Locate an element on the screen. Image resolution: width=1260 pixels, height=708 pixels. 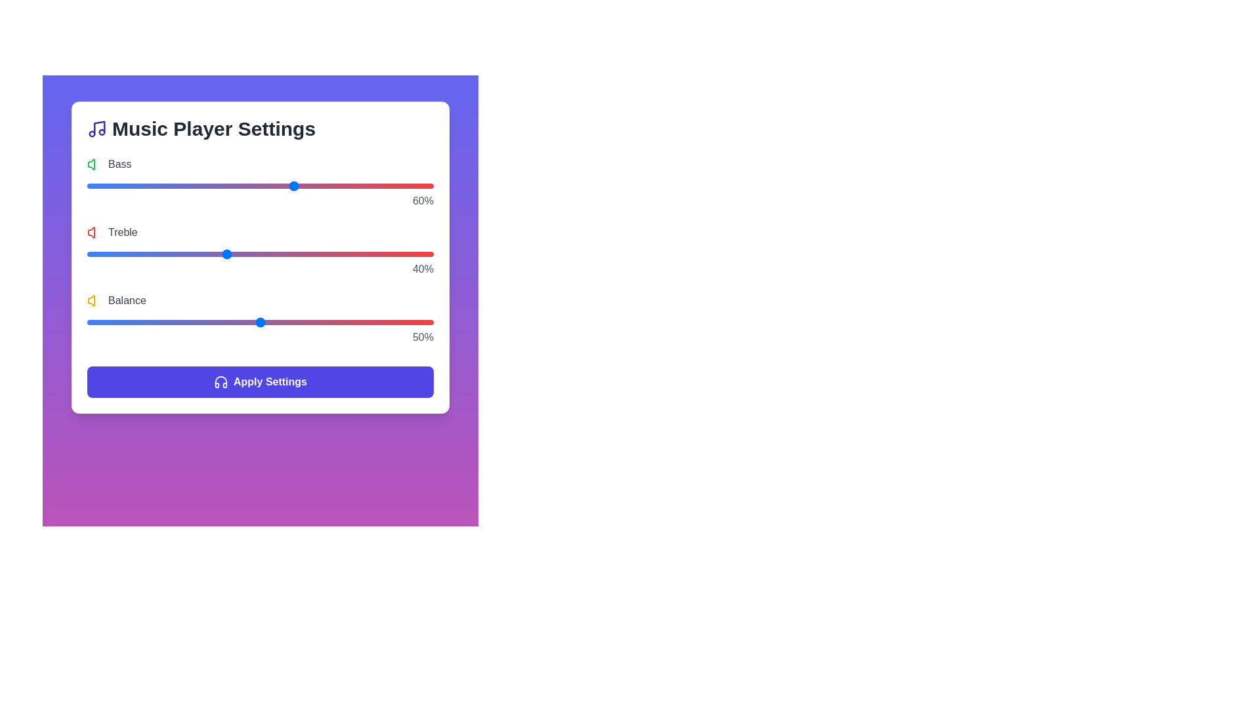
the 0 slider to 30% is located at coordinates (190, 186).